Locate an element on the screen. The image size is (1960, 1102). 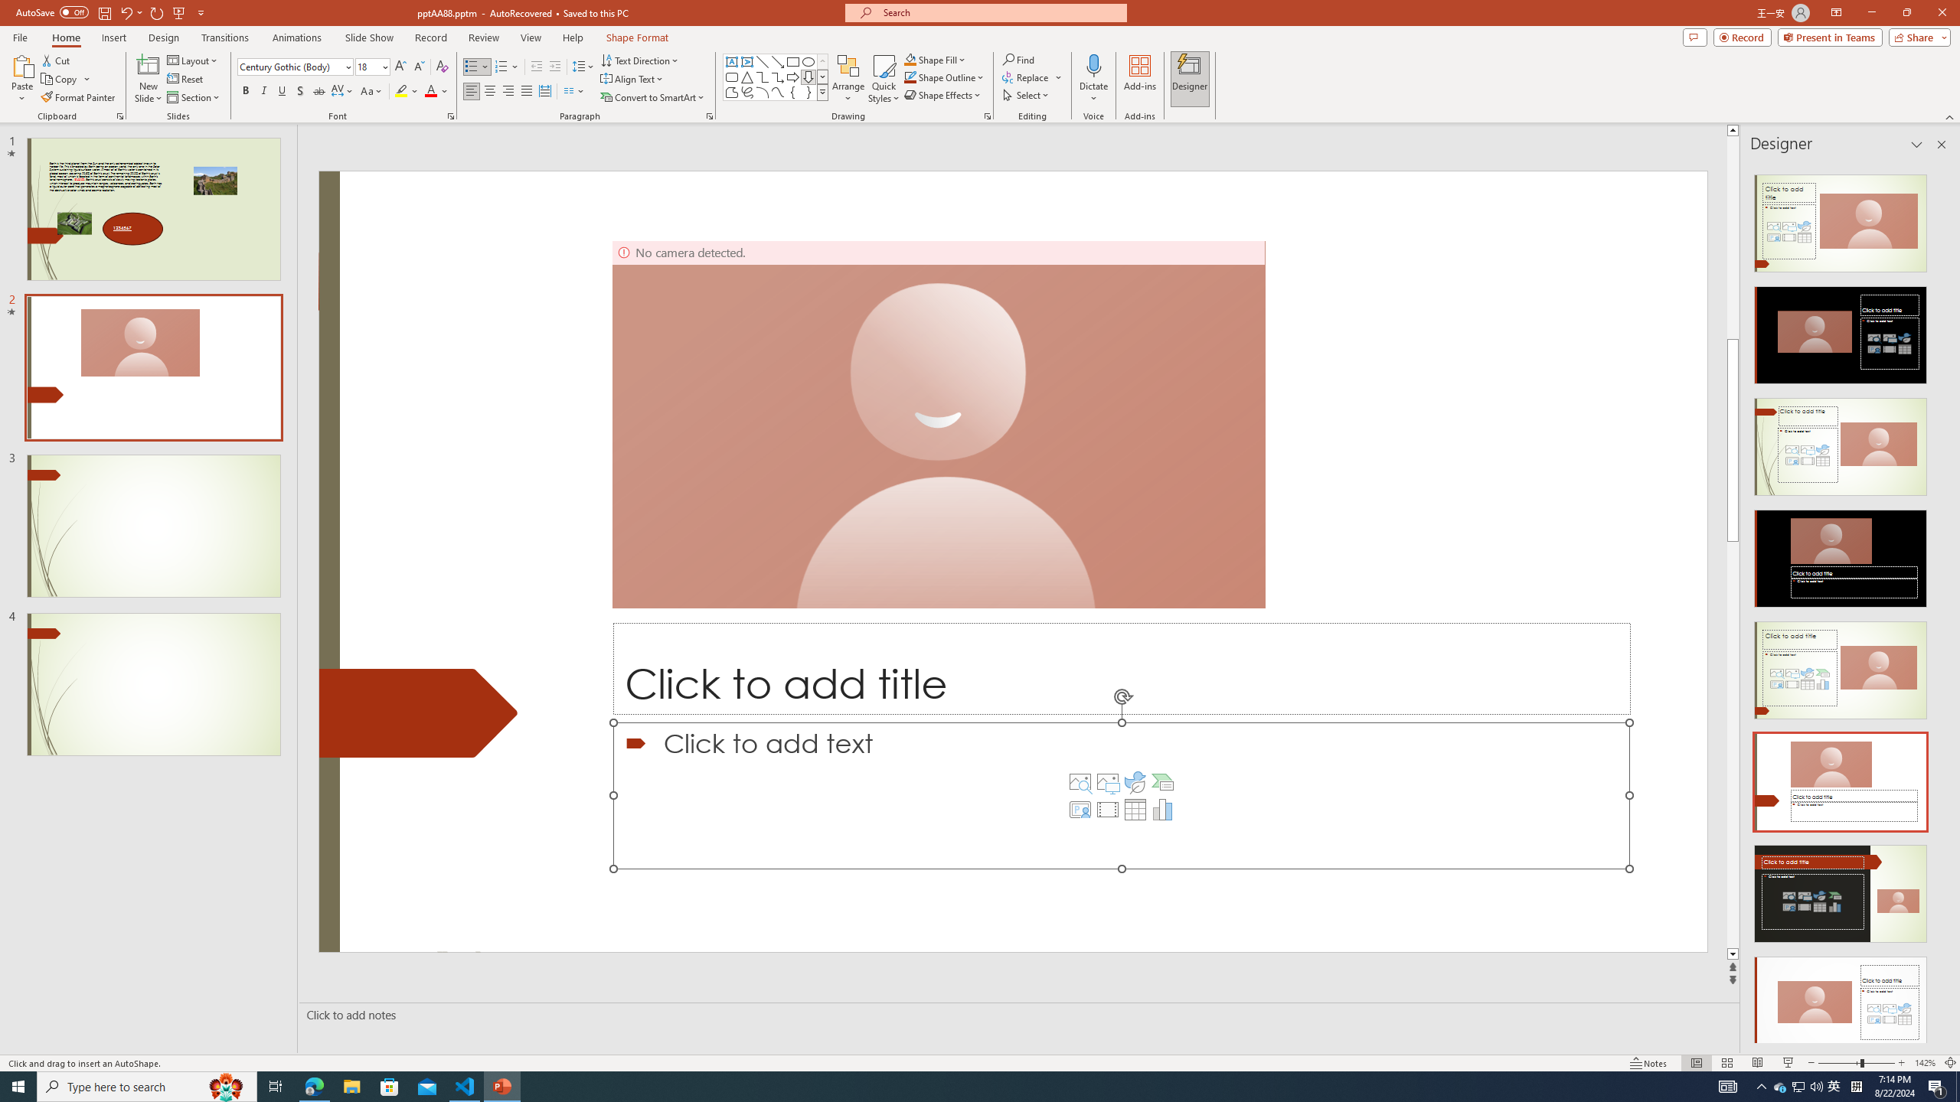
'Quick Access Toolbar' is located at coordinates (110, 12).